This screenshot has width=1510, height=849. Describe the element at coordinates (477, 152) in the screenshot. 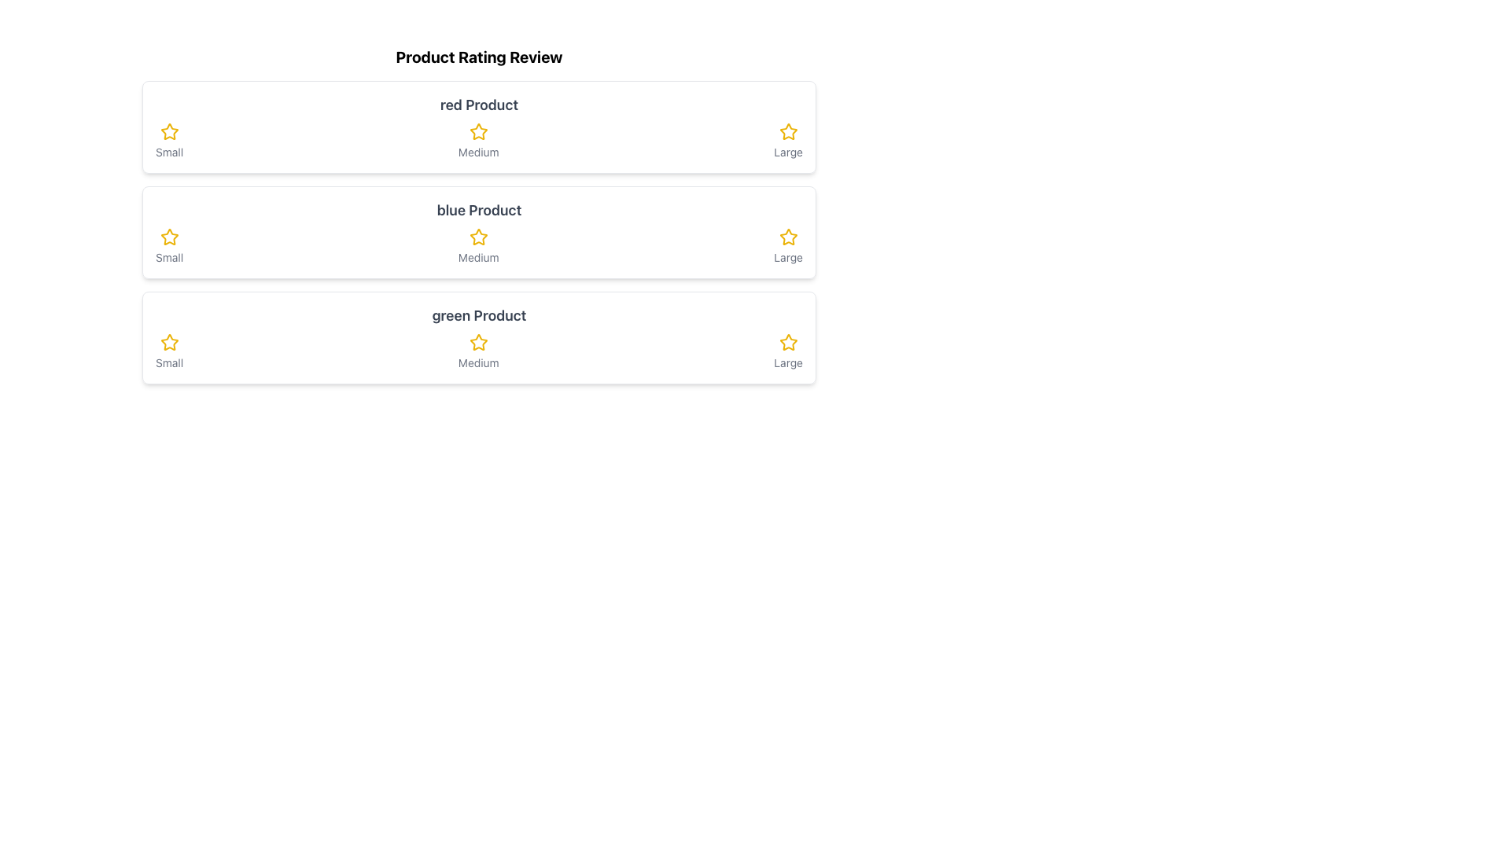

I see `text label displaying the word 'Medium' in gray color, which is centrally positioned below a yellow star icon in the 'red Product' row` at that location.